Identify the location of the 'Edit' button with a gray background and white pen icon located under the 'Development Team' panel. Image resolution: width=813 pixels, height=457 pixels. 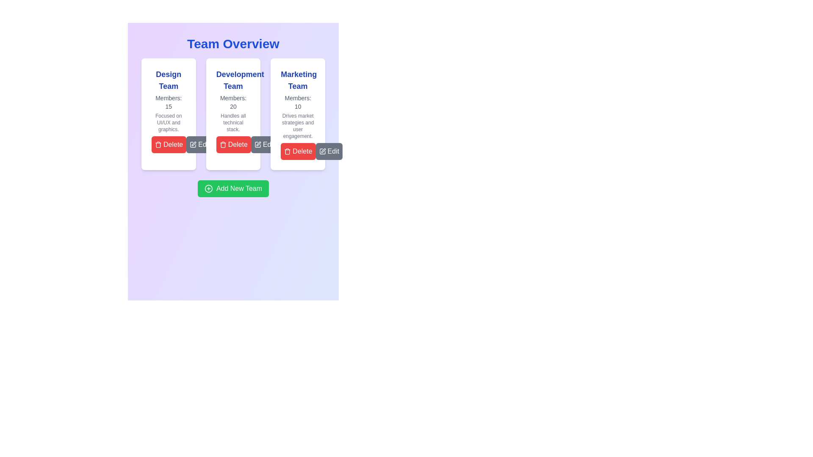
(264, 144).